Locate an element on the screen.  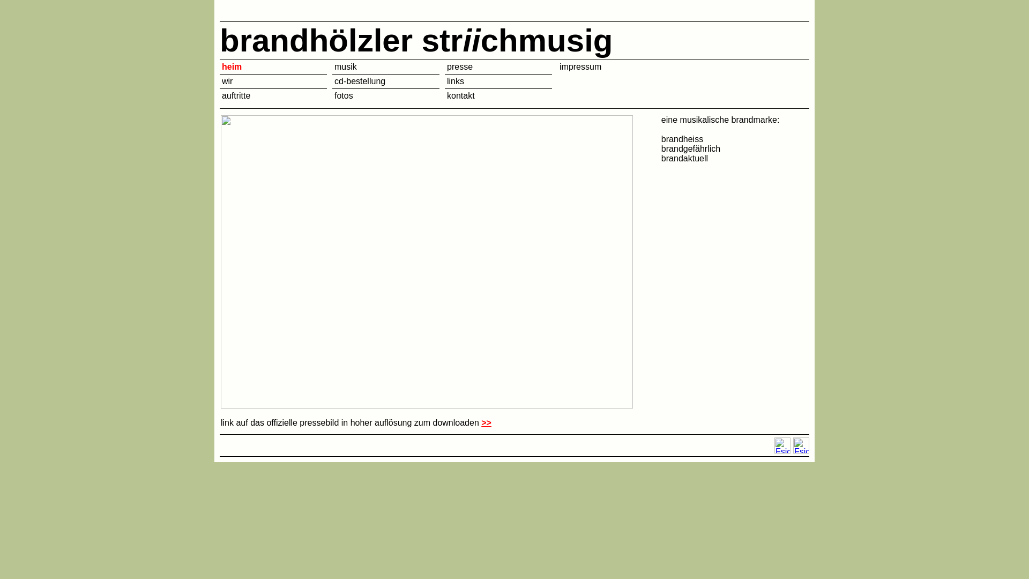
'auftritte' is located at coordinates (235, 95).